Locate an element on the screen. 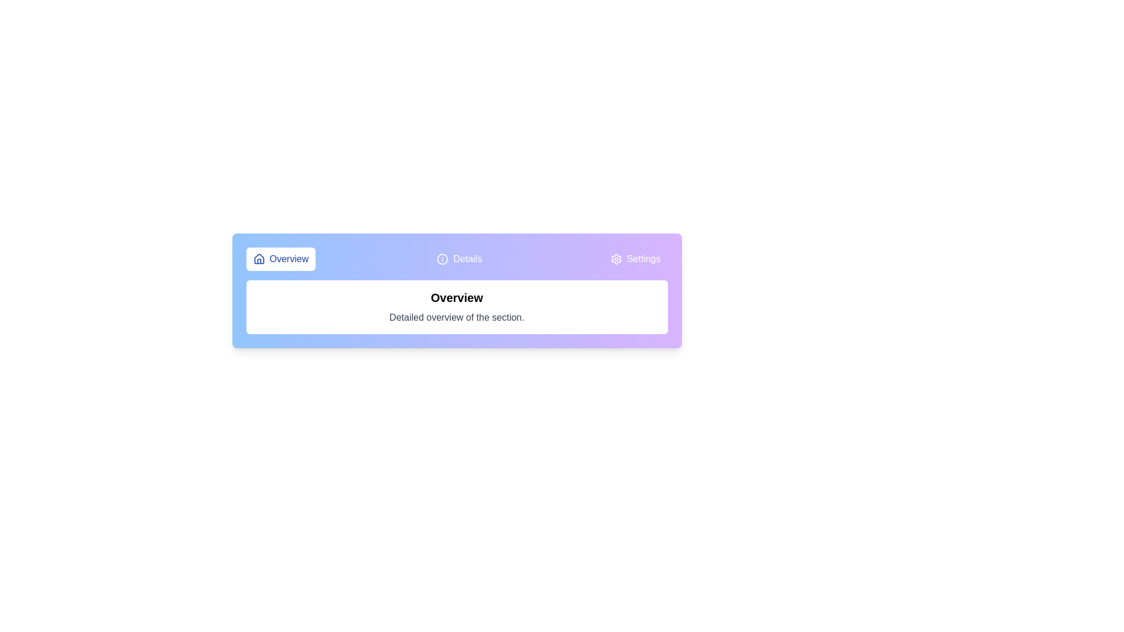 The width and height of the screenshot is (1124, 632). the text element that serves as a label or navigational link to the settings section, located in the top-right area of the interface, immediately to the right of a gear-shaped icon is located at coordinates (643, 259).